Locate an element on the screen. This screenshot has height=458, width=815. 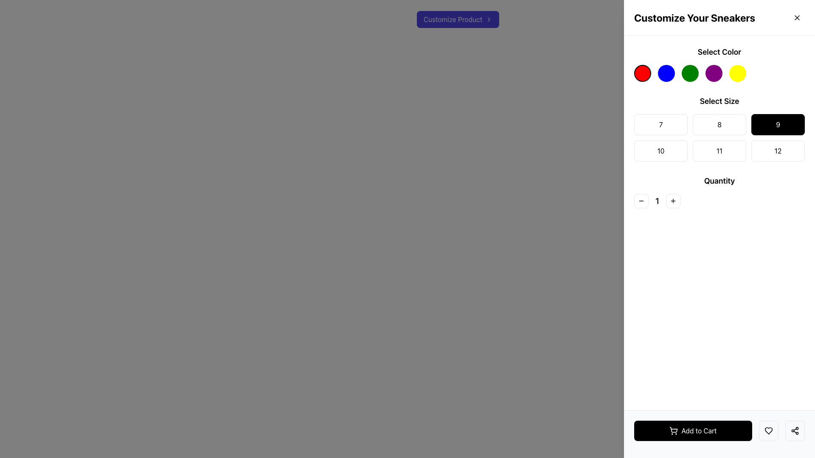
the fifth circular button with a yellow background under the 'Select Color' section is located at coordinates (737, 73).